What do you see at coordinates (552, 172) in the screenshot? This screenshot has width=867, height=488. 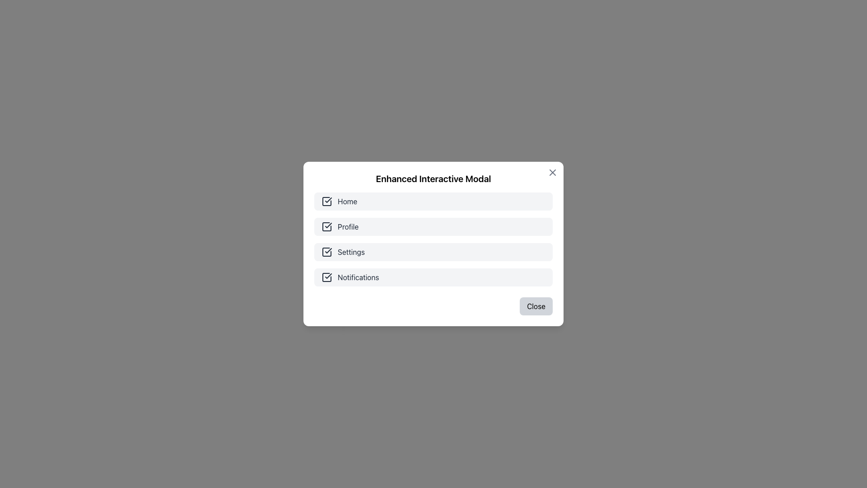 I see `the close icon in the top-right corner of the modal header adjacent to the title 'Enhanced Interactive Modal'` at bounding box center [552, 172].